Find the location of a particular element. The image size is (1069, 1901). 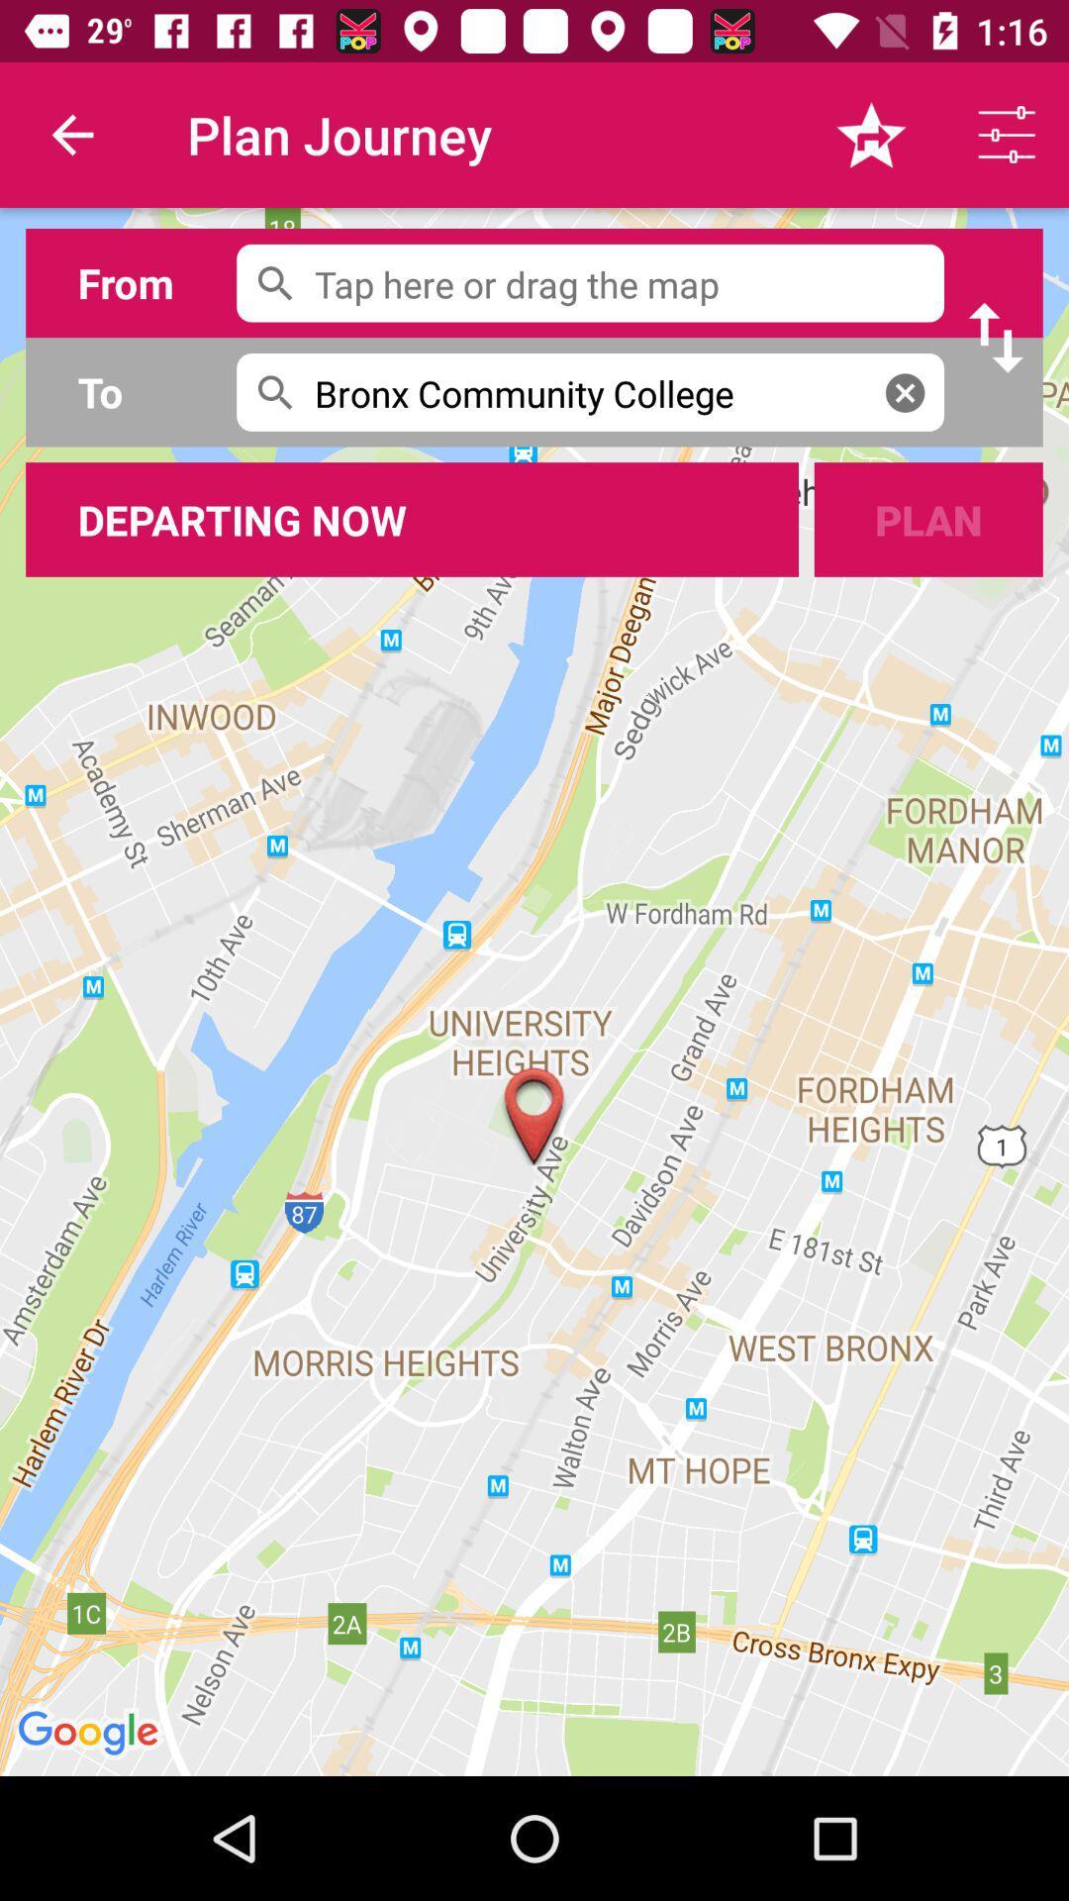

the compare icon is located at coordinates (996, 338).